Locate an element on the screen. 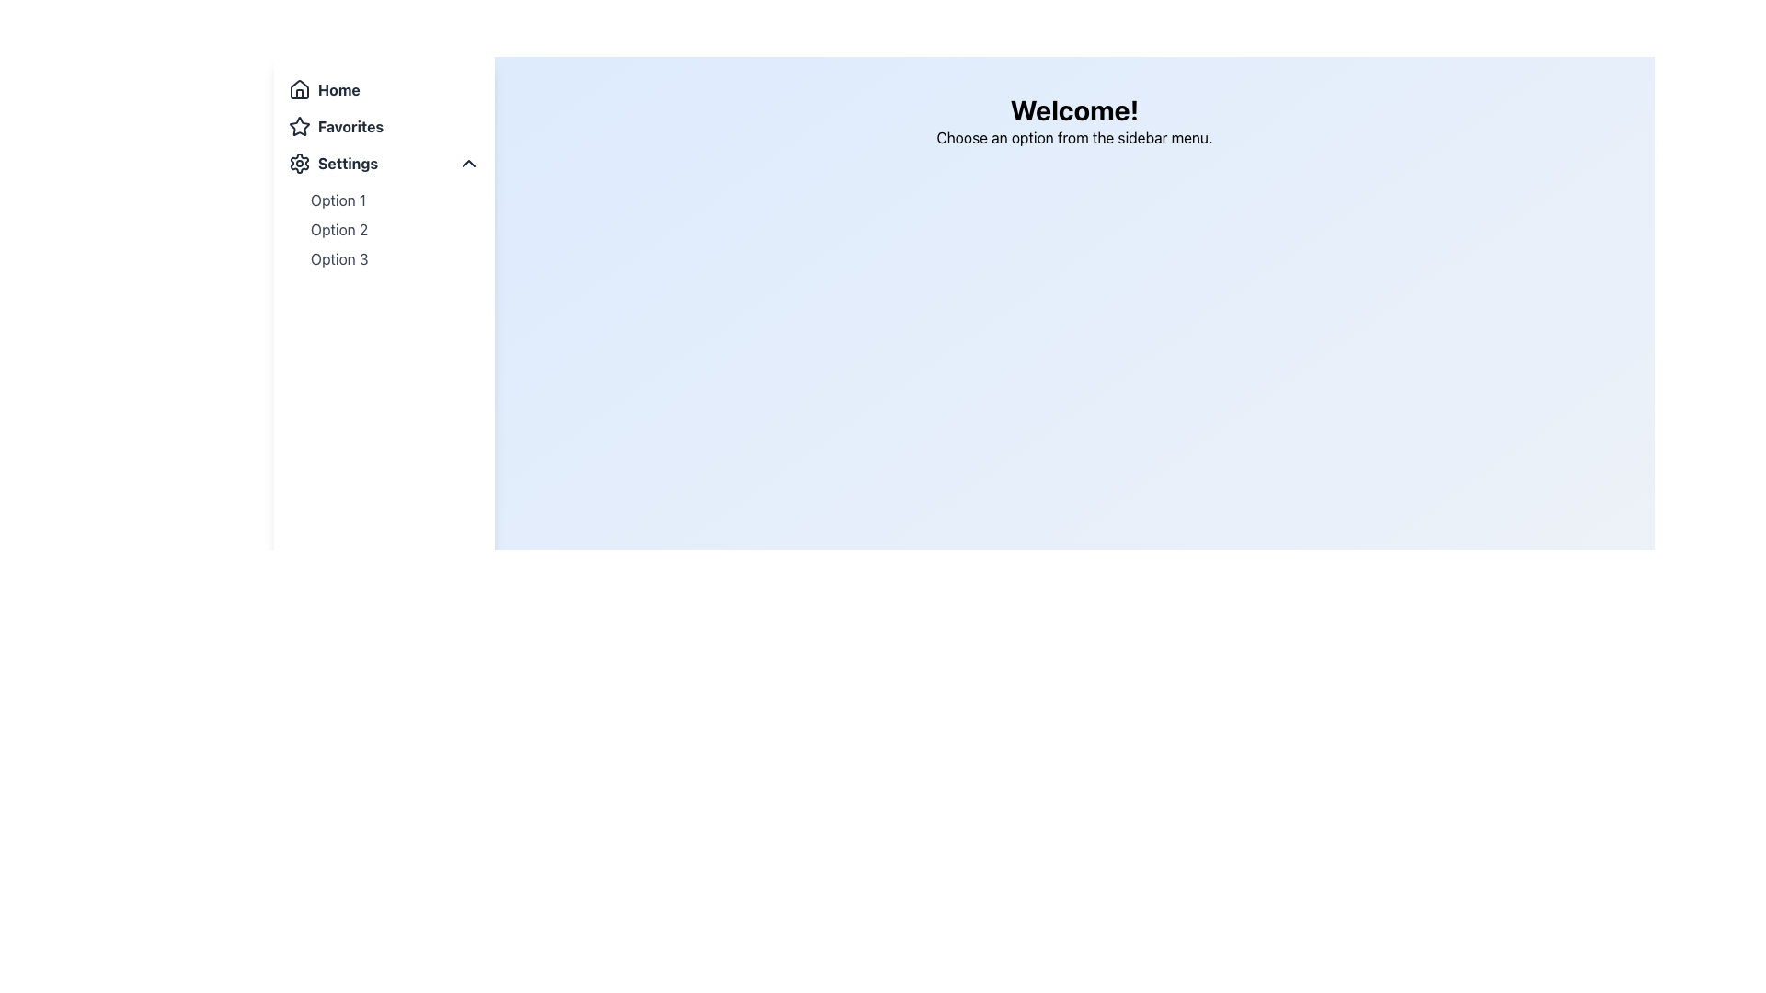 The image size is (1766, 993). keyboard navigation is located at coordinates (383, 174).